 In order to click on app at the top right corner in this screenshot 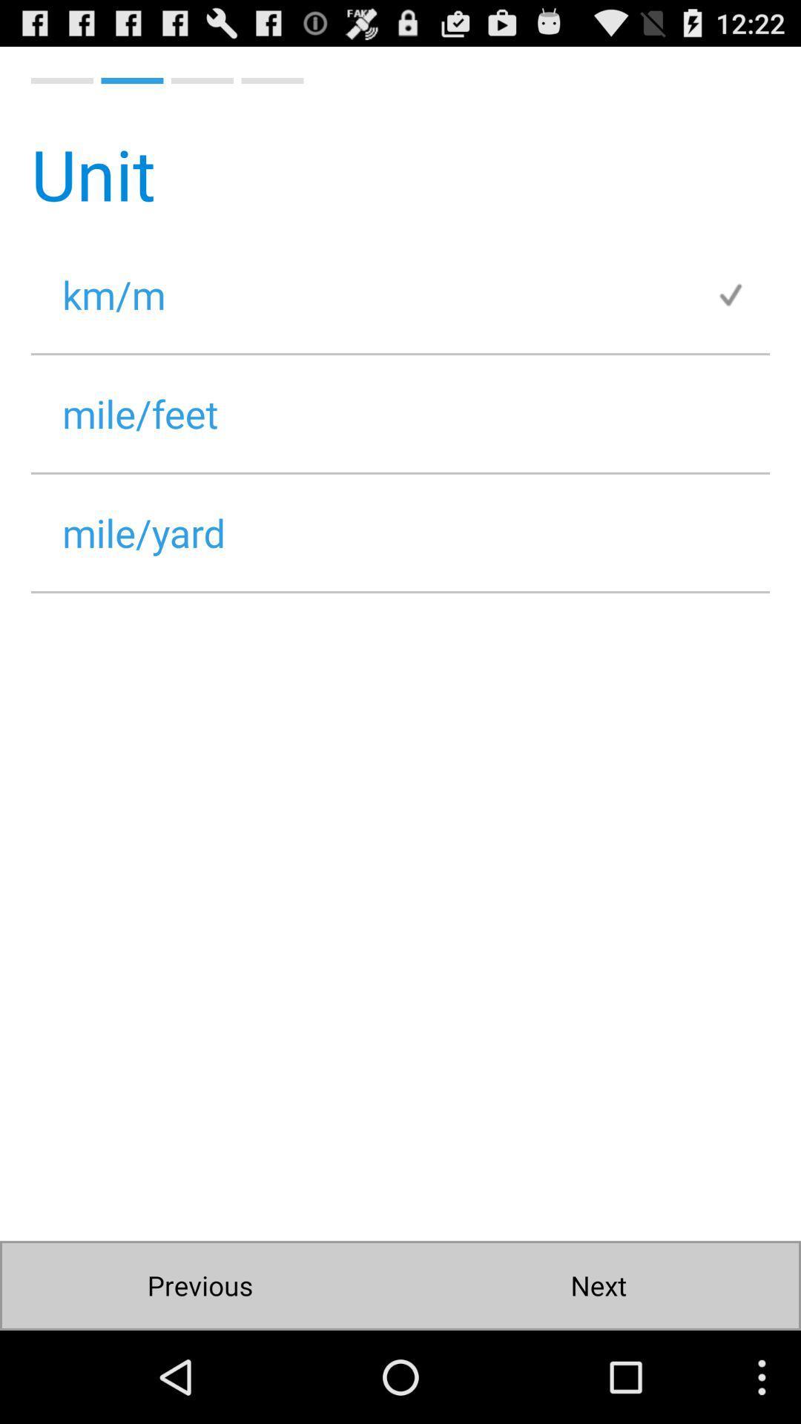, I will do `click(742, 294)`.